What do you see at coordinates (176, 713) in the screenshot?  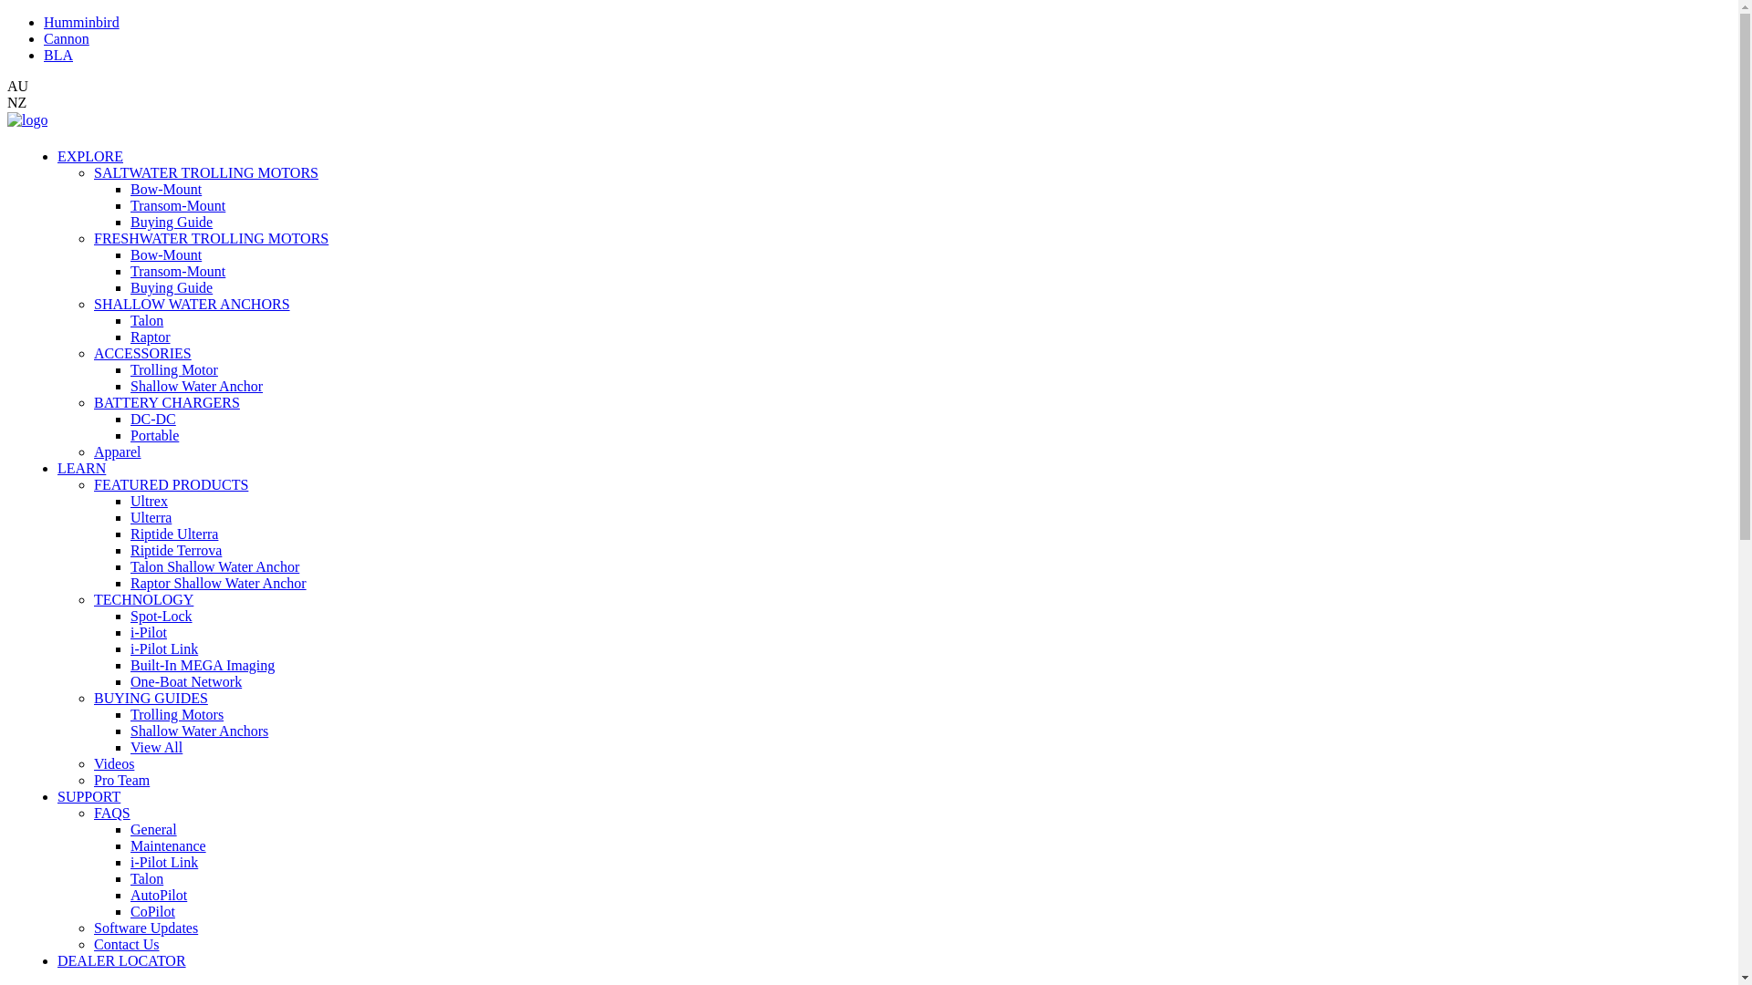 I see `'Trolling Motors'` at bounding box center [176, 713].